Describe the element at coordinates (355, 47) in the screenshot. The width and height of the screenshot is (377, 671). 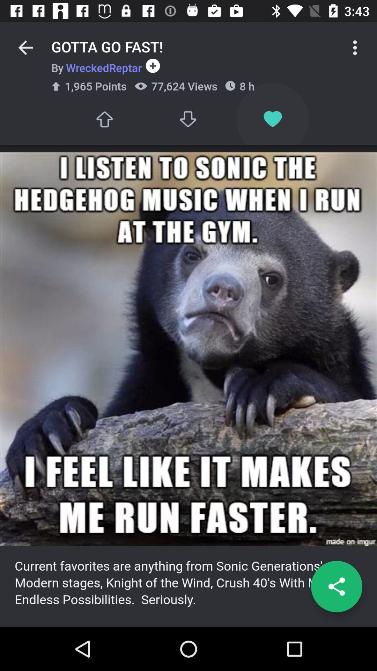
I see `the icon to the right of 8 h icon` at that location.